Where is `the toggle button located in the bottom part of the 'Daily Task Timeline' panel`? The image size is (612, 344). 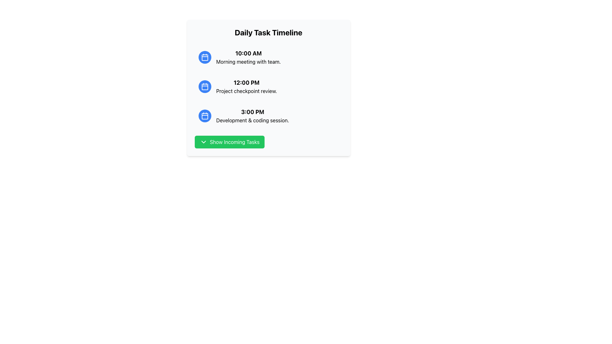 the toggle button located in the bottom part of the 'Daily Task Timeline' panel is located at coordinates (229, 142).